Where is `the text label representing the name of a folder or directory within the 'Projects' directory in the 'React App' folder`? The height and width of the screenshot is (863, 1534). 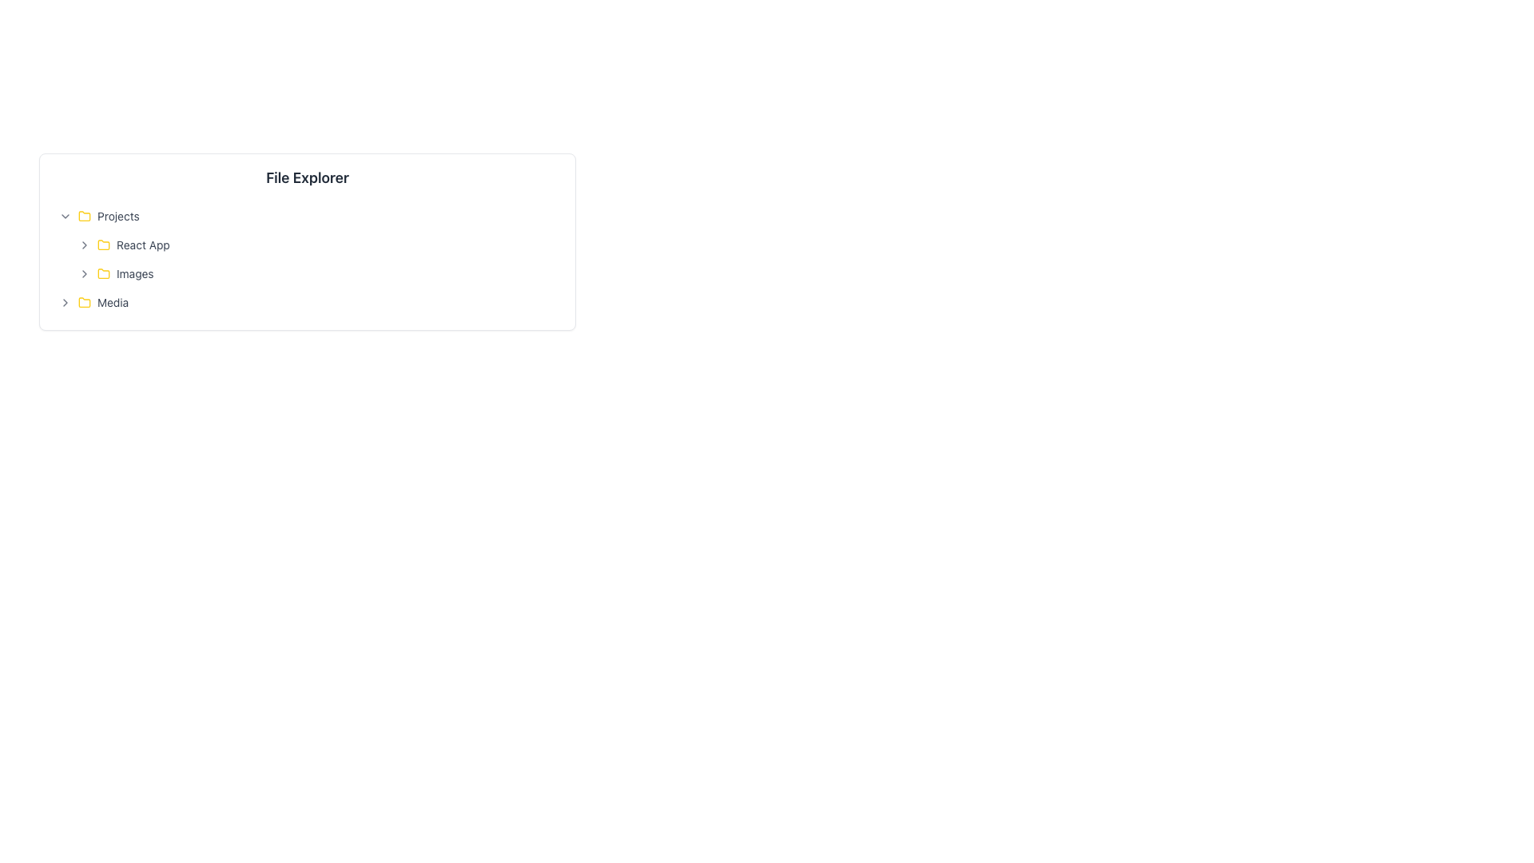 the text label representing the name of a folder or directory within the 'Projects' directory in the 'React App' folder is located at coordinates (135, 273).